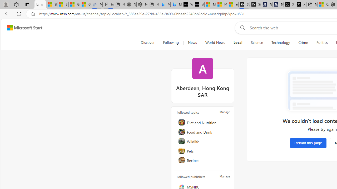 This screenshot has height=189, width=337. I want to click on 'Science', so click(257, 43).